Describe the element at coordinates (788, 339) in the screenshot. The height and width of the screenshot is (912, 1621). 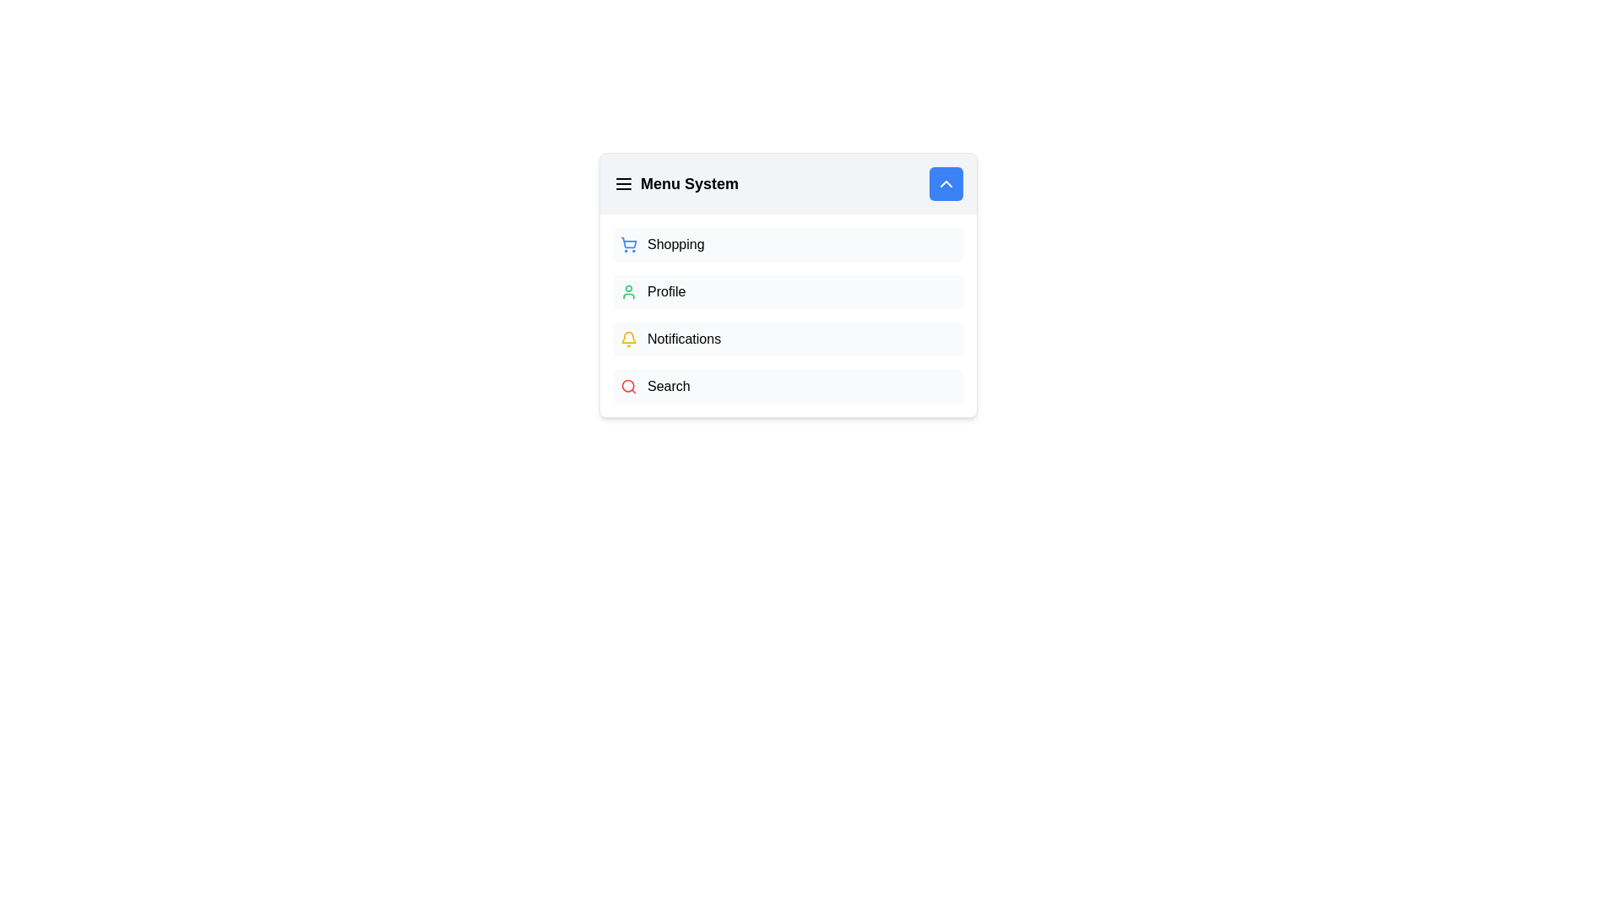
I see `the third menu item in the 'Menu System' section` at that location.